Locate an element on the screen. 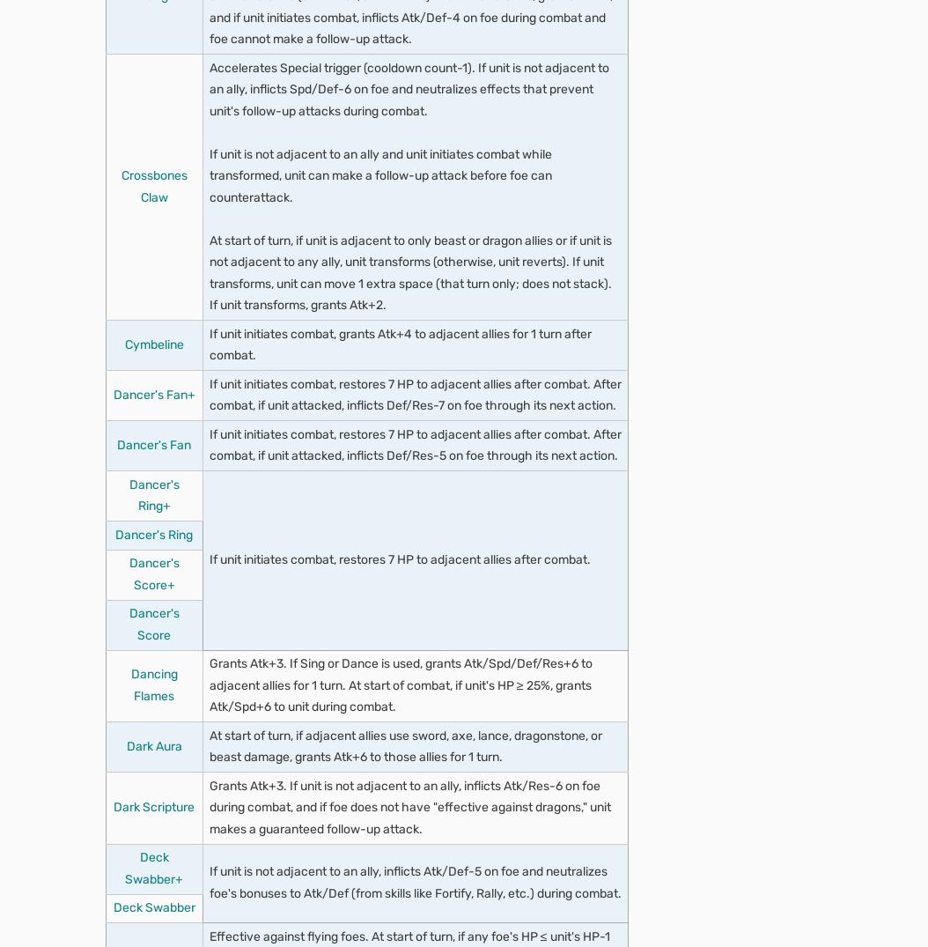  'Grants Def/Res +3 to adjacent allies during combat.' is located at coordinates (373, 329).